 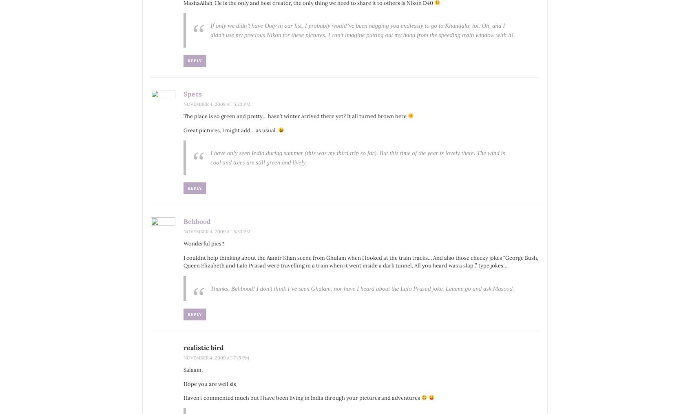 What do you see at coordinates (302, 398) in the screenshot?
I see `'Haven’t commented much but I have been living in India through your pictures and adventures'` at bounding box center [302, 398].